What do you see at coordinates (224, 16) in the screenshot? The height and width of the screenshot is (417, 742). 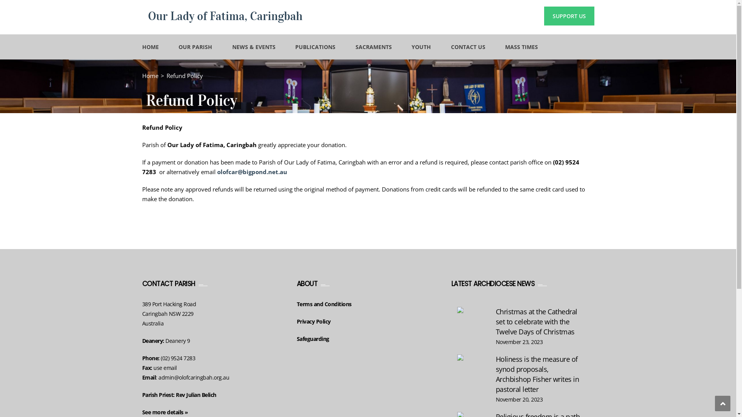 I see `'Our Lady of Fatima, Caringbah'` at bounding box center [224, 16].